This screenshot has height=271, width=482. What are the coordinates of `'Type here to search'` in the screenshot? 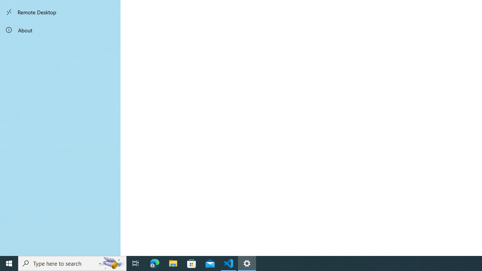 It's located at (72, 263).